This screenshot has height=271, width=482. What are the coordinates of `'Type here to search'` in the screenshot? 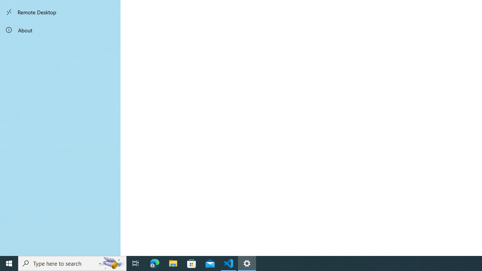 It's located at (72, 263).